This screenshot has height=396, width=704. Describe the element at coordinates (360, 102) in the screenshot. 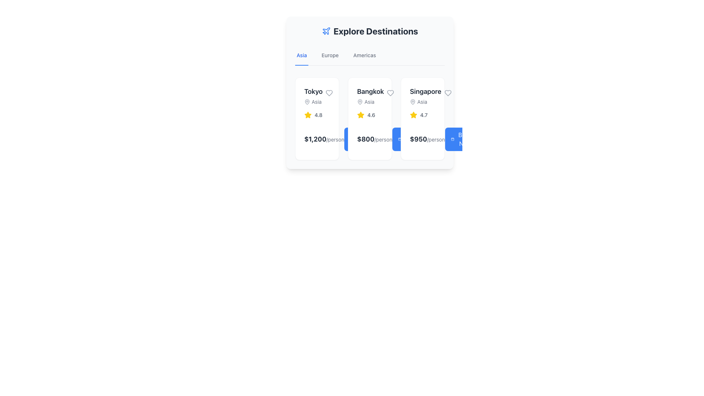

I see `the geographical location pin icon in the middle card of the trip list under 'Explore Destinations', located near the text 'Bangkok'` at that location.